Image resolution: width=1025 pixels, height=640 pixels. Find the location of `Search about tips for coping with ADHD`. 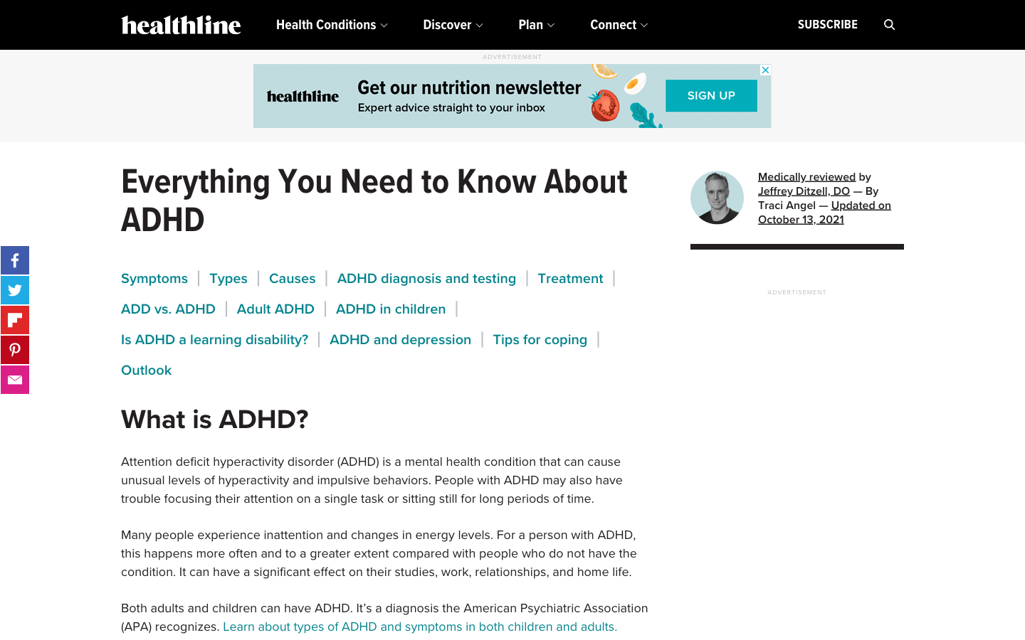

Search about tips for coping with ADHD is located at coordinates (539, 338).